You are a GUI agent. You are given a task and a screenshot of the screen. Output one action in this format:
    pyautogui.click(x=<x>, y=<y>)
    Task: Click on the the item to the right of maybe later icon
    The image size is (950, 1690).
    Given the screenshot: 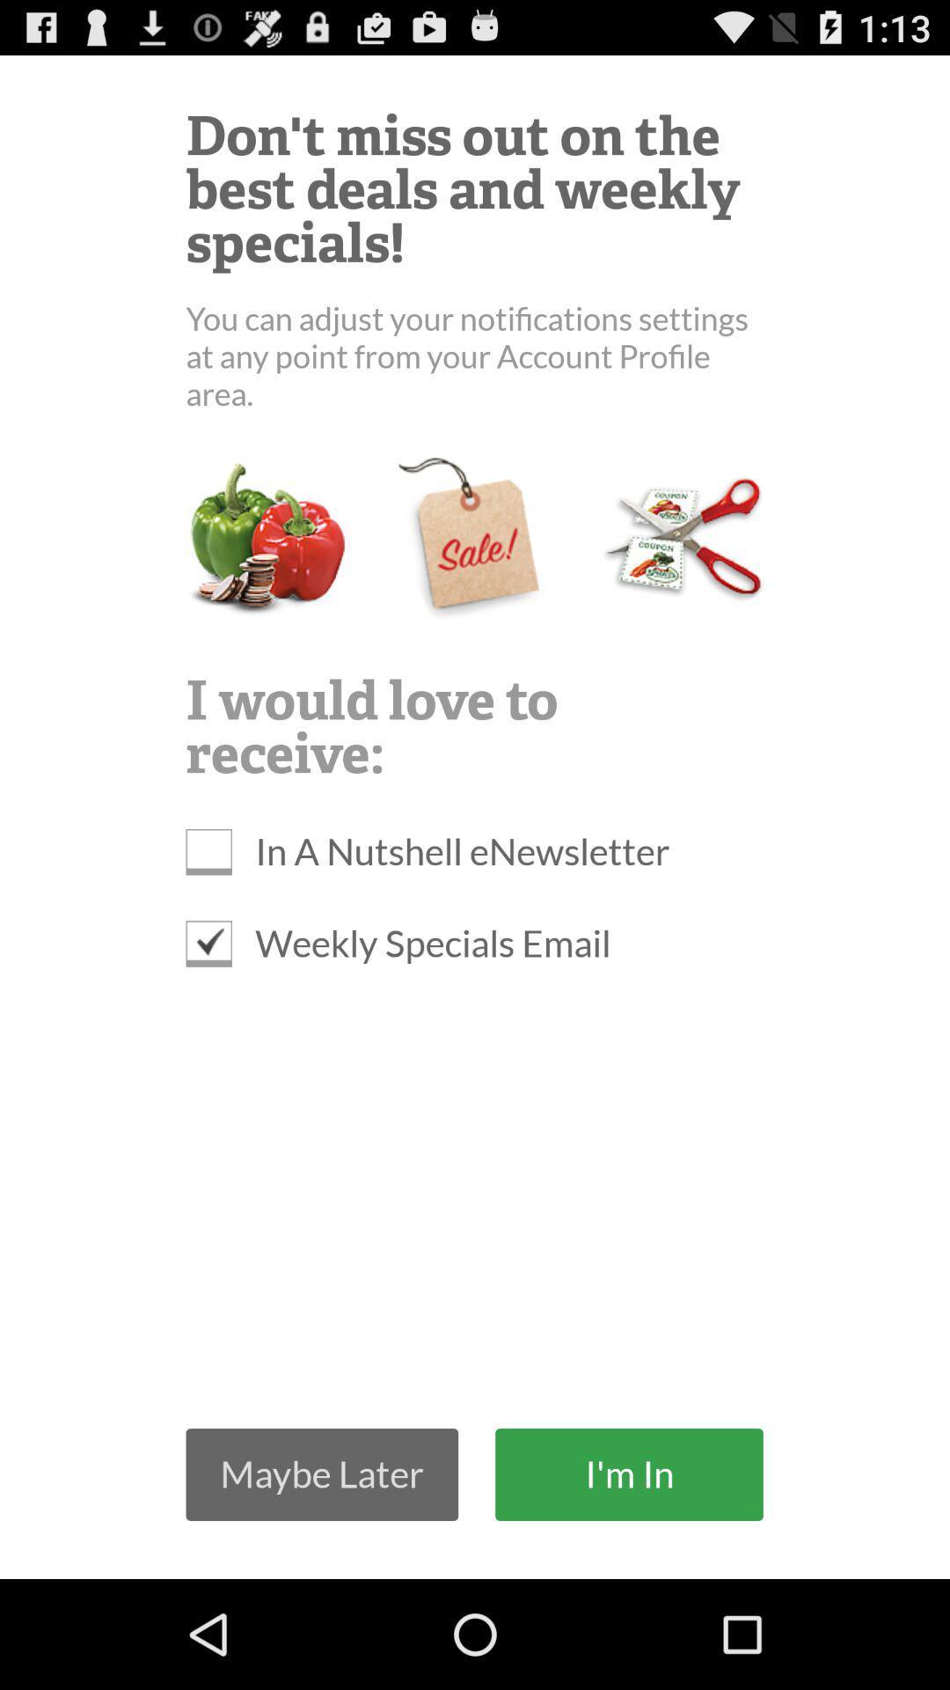 What is the action you would take?
    pyautogui.click(x=628, y=1474)
    